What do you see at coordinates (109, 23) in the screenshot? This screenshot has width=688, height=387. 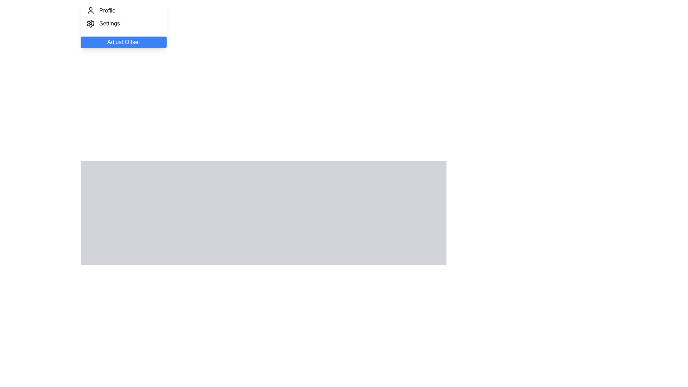 I see `the 'Settings' text label, which is a medium font weight in dark gray, located within a dropdown menu and positioned to the right of a gear icon` at bounding box center [109, 23].